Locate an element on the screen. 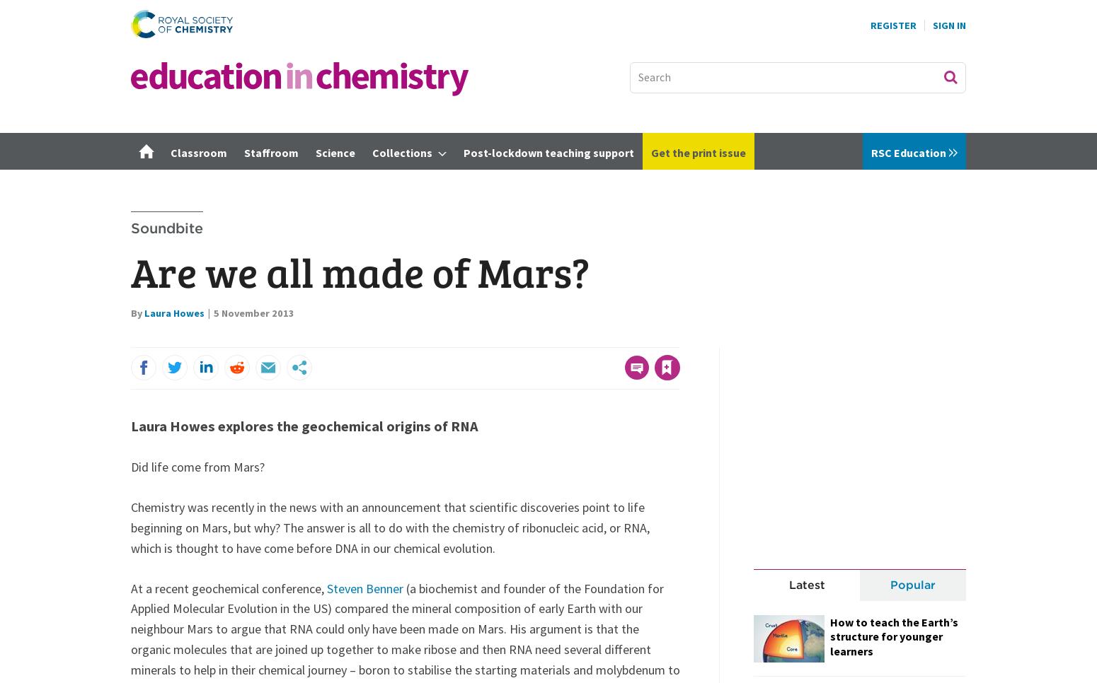 This screenshot has width=1097, height=683. 'Bookmark' is located at coordinates (655, 341).